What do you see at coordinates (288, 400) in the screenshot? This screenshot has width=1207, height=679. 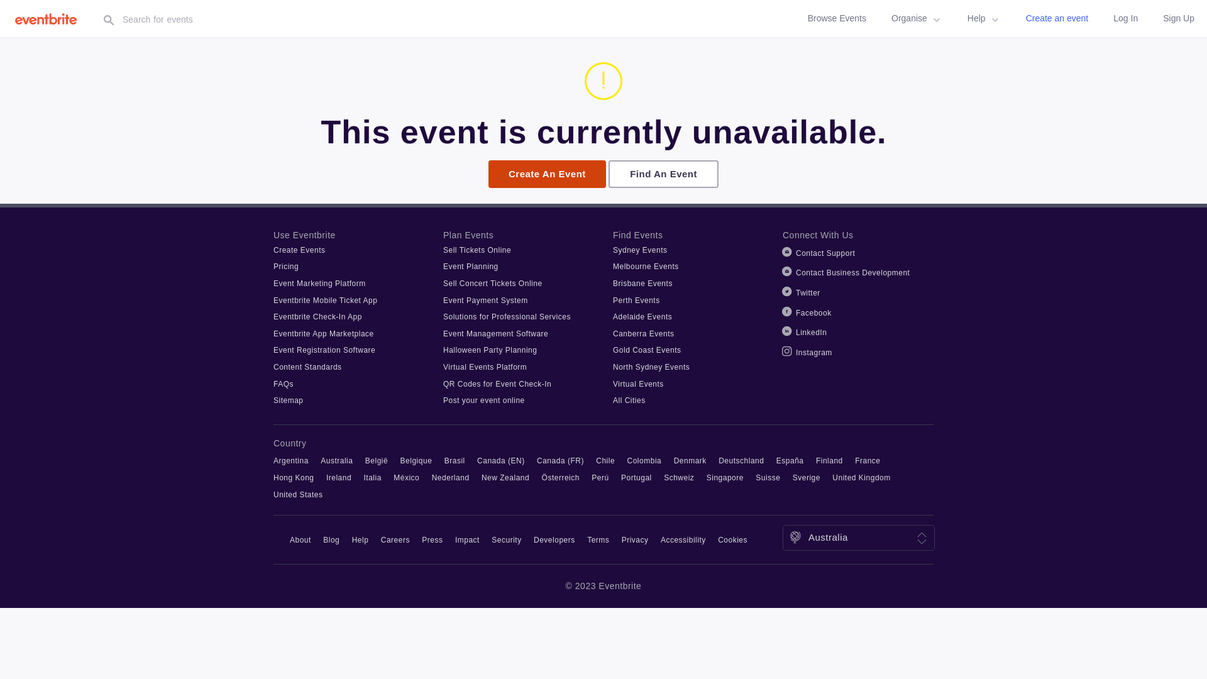 I see `'Sitemap'` at bounding box center [288, 400].